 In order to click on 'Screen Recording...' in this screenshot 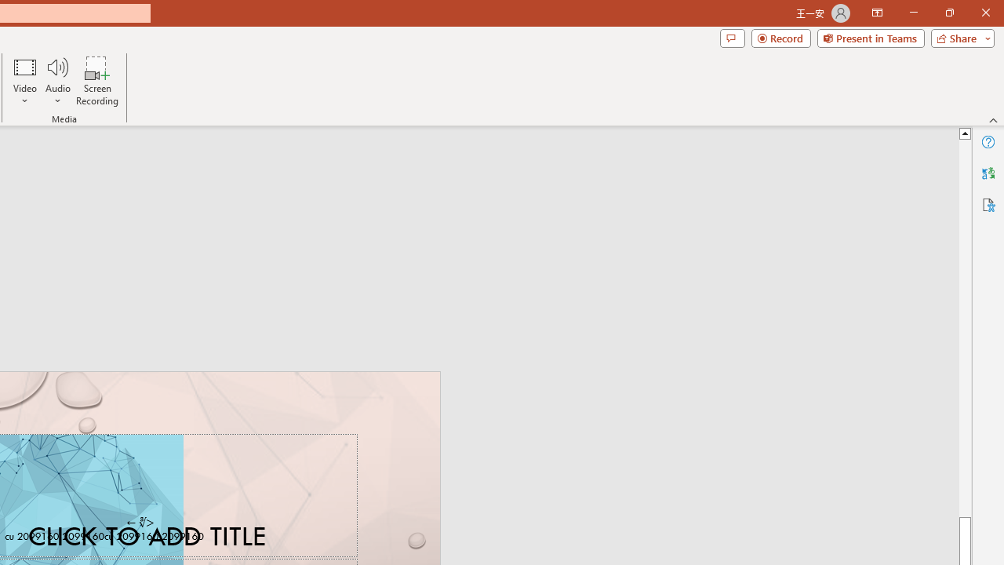, I will do `click(96, 81)`.